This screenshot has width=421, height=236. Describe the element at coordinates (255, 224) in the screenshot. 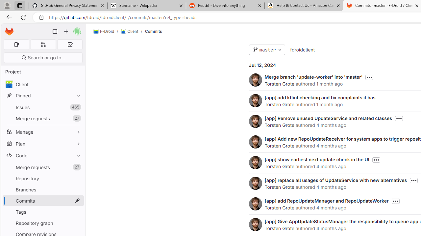

I see `'Torsten Grote'` at that location.